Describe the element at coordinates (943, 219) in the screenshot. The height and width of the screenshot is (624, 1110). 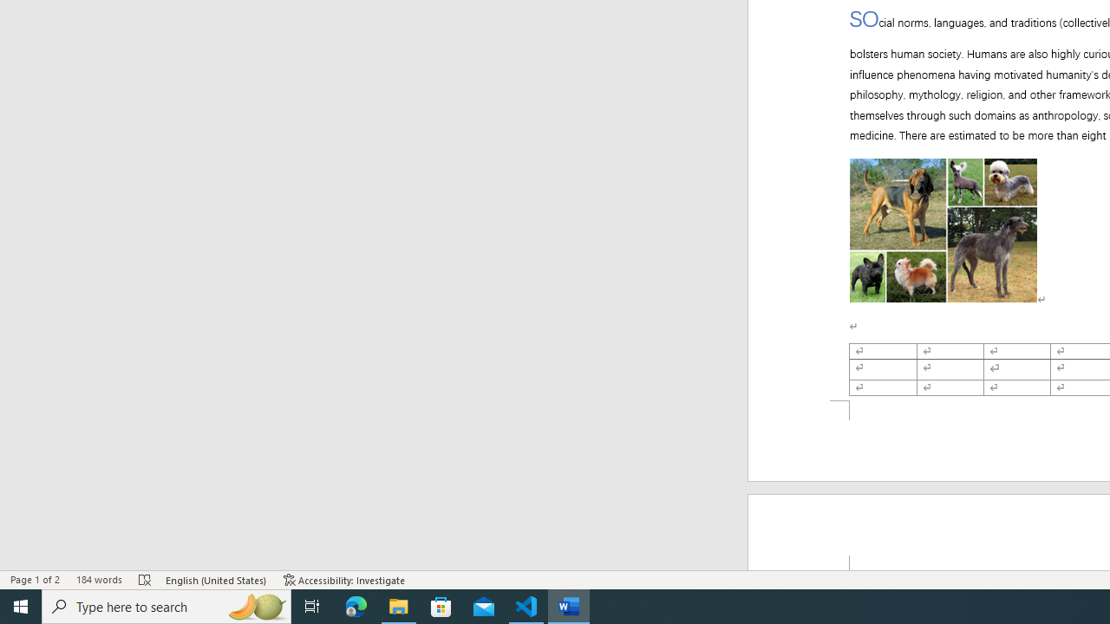
I see `'Morphological variation in six dogs'` at that location.